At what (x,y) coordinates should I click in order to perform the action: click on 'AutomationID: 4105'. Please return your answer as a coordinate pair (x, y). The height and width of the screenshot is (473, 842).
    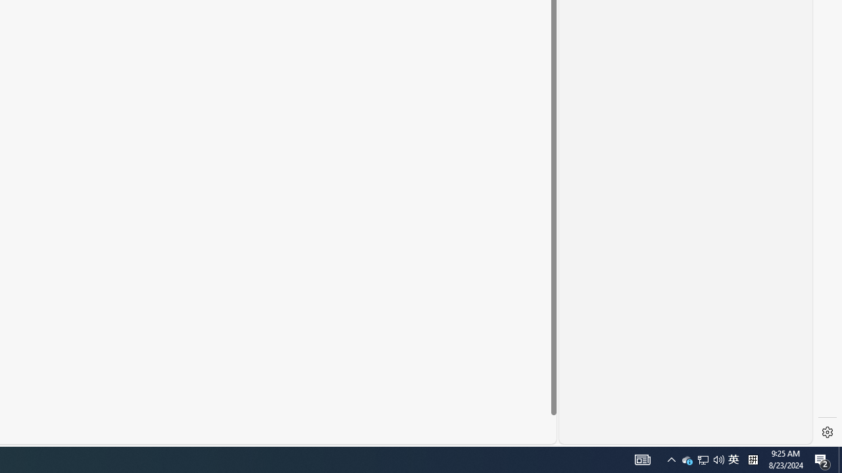
    Looking at the image, I should click on (643, 459).